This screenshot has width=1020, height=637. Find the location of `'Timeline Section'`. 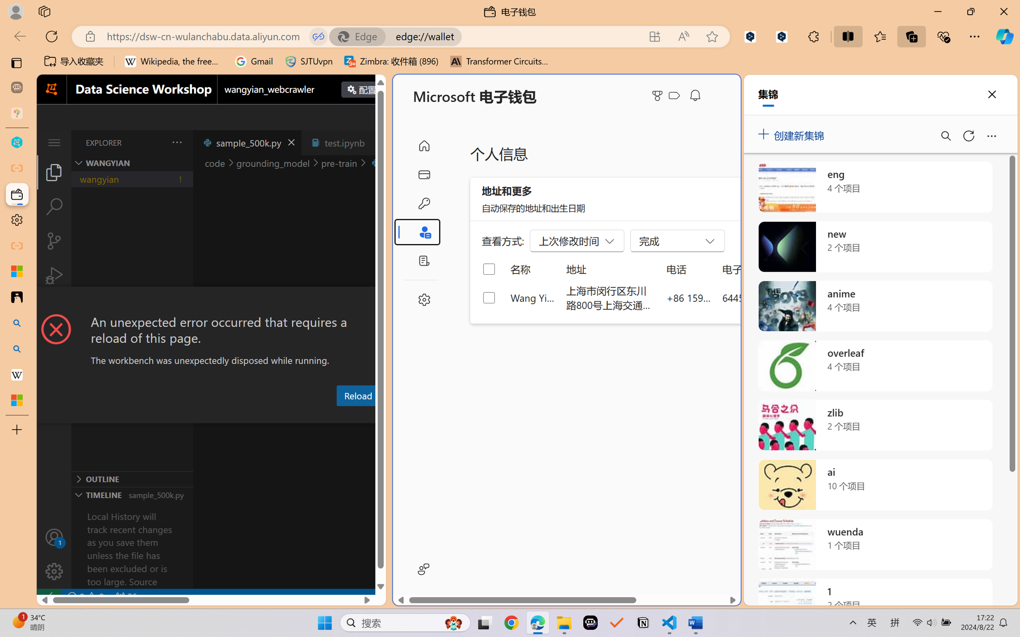

'Timeline Section' is located at coordinates (132, 495).